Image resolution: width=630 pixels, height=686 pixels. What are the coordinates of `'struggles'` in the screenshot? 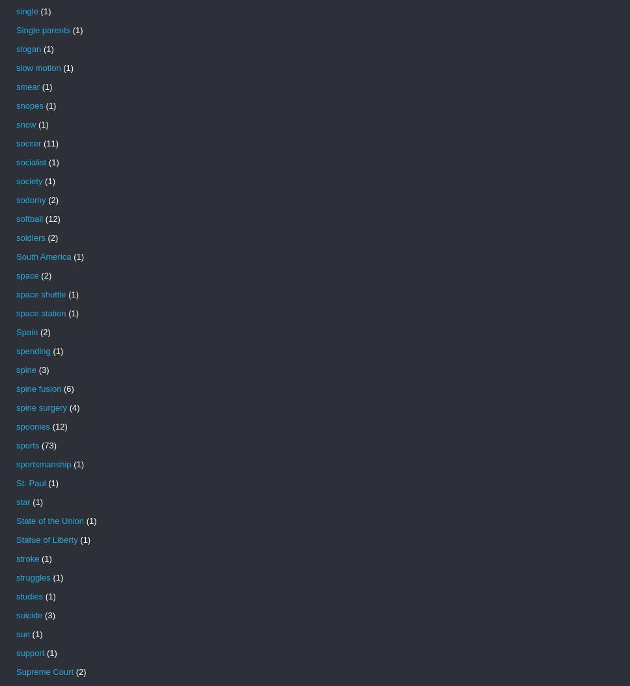 It's located at (33, 577).